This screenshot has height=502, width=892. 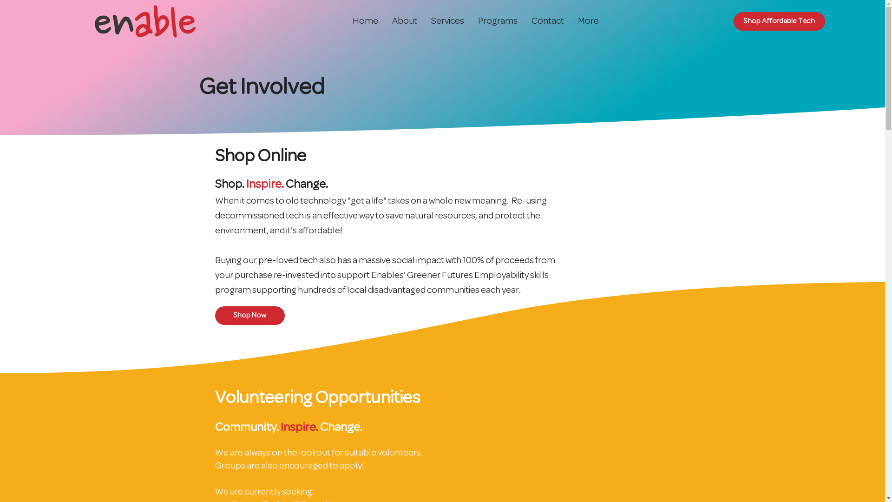 What do you see at coordinates (214, 315) in the screenshot?
I see `'Shop Now'` at bounding box center [214, 315].